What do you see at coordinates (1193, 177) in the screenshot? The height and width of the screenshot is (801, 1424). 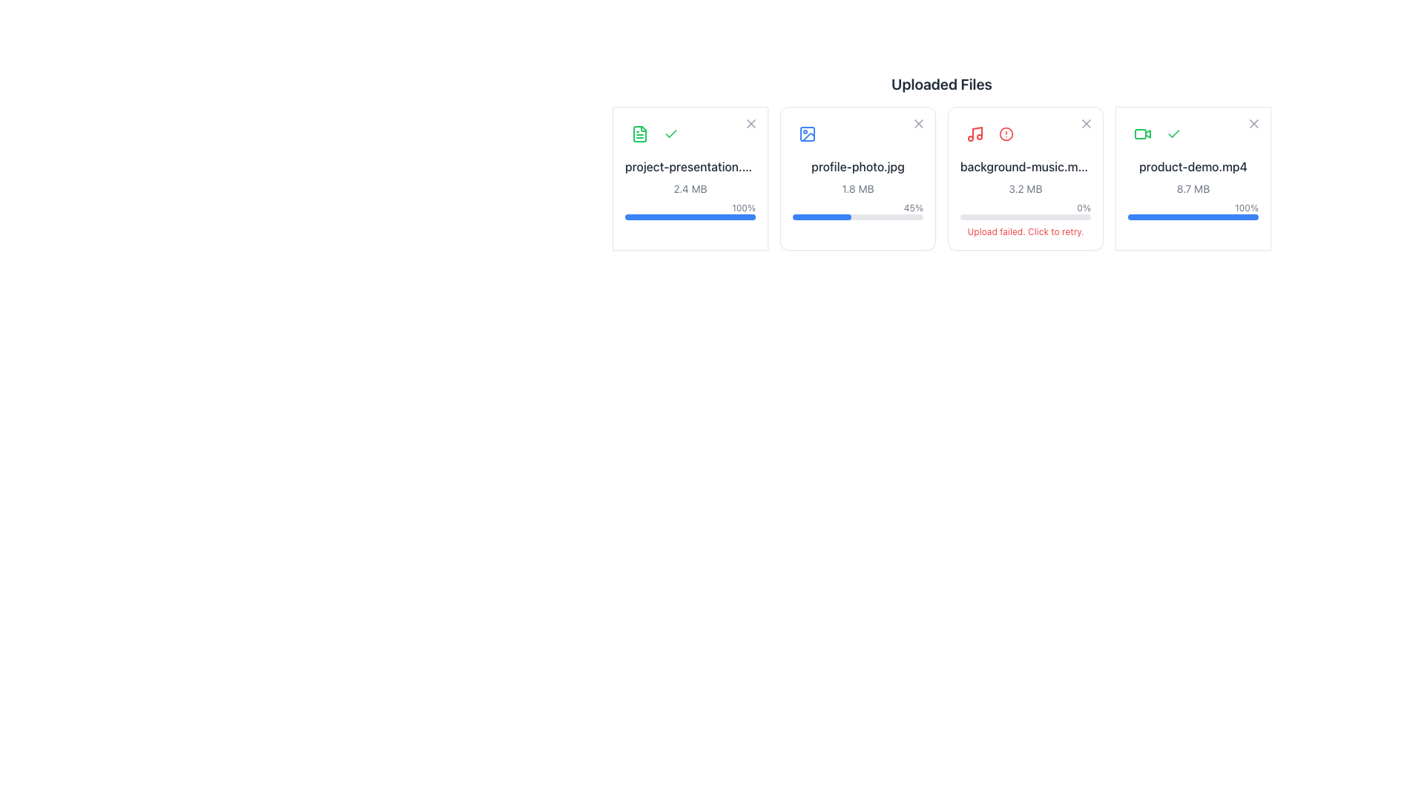 I see `the progress bar of the uploaded video file status element, which is the fourth item in the grid layout` at bounding box center [1193, 177].